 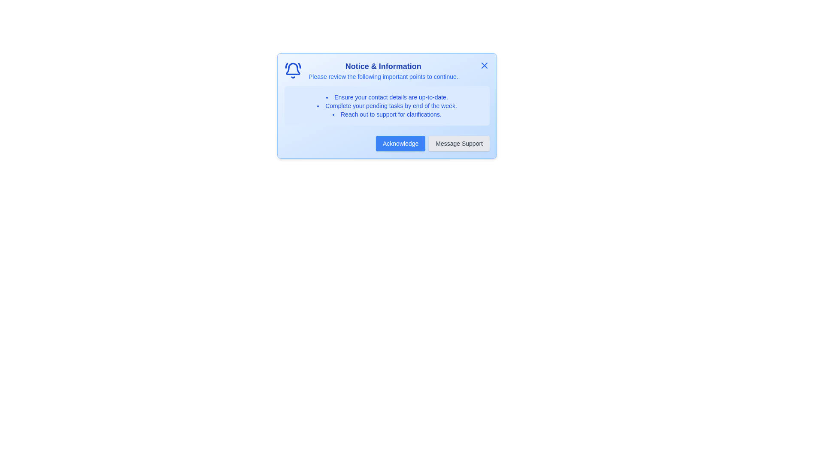 I want to click on the 'Acknowledge' button to acknowledge the information, so click(x=400, y=143).